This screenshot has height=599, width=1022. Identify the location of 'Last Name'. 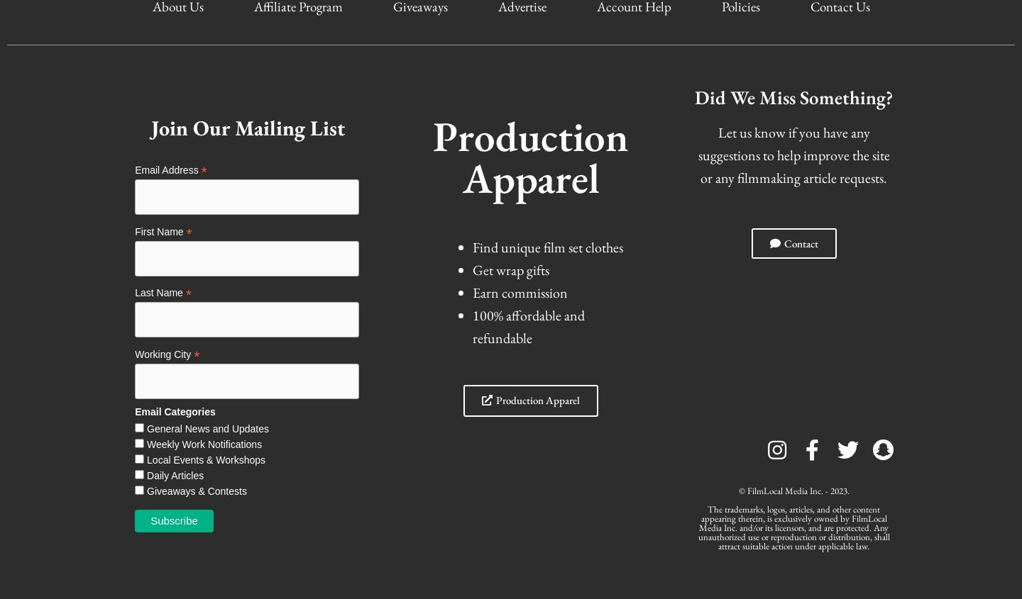
(158, 292).